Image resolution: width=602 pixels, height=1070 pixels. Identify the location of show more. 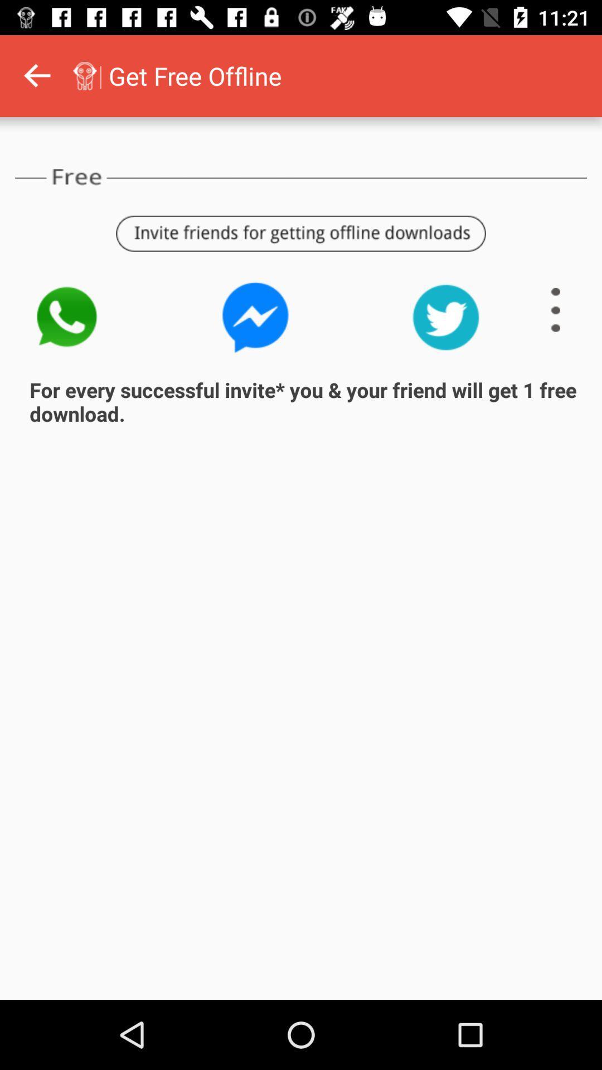
(556, 310).